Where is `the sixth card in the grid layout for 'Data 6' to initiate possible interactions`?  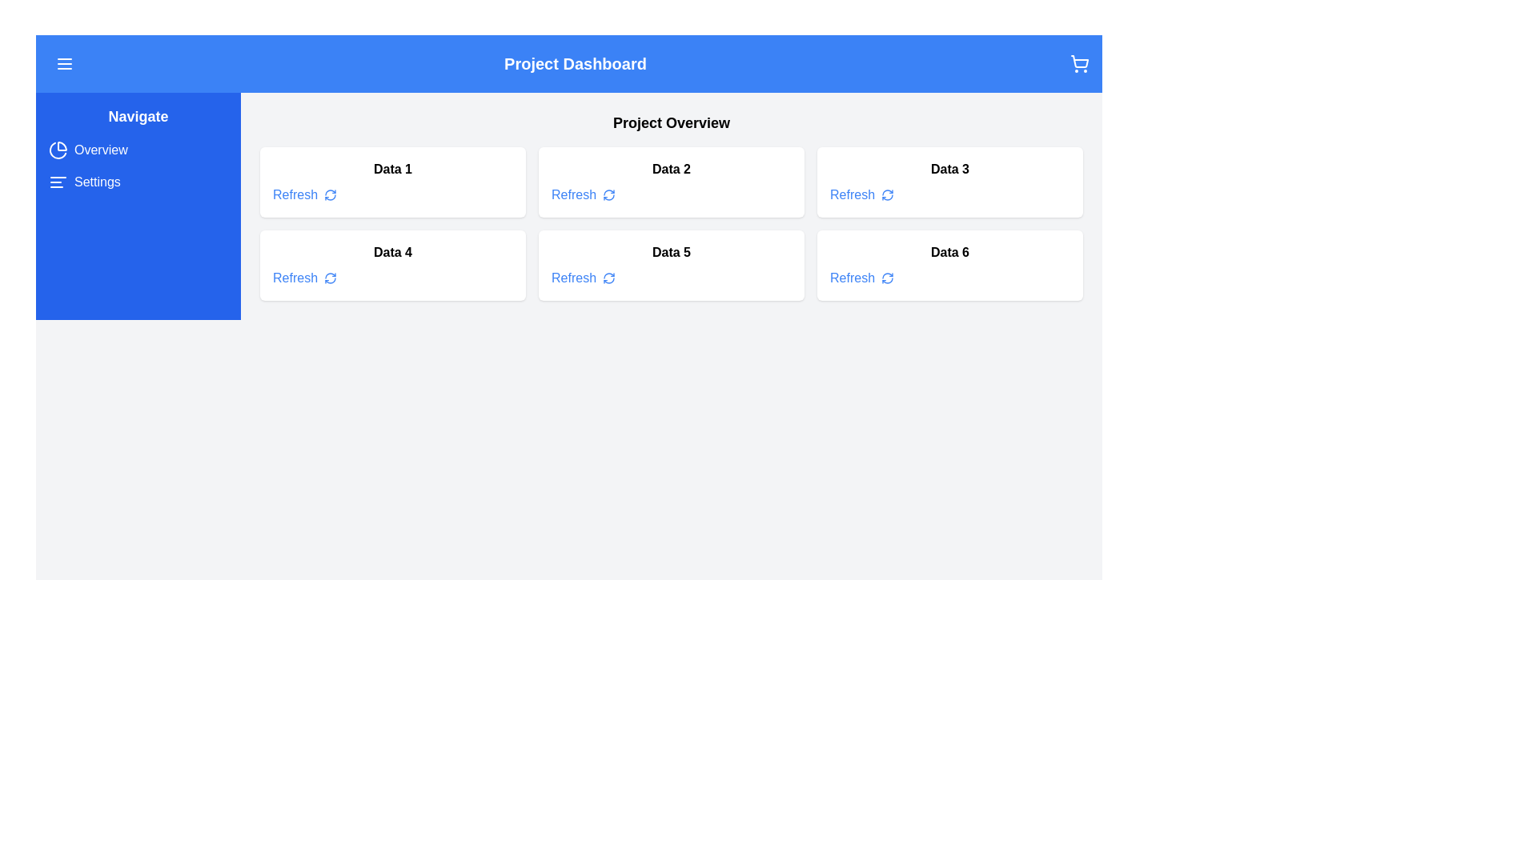
the sixth card in the grid layout for 'Data 6' to initiate possible interactions is located at coordinates (949, 264).